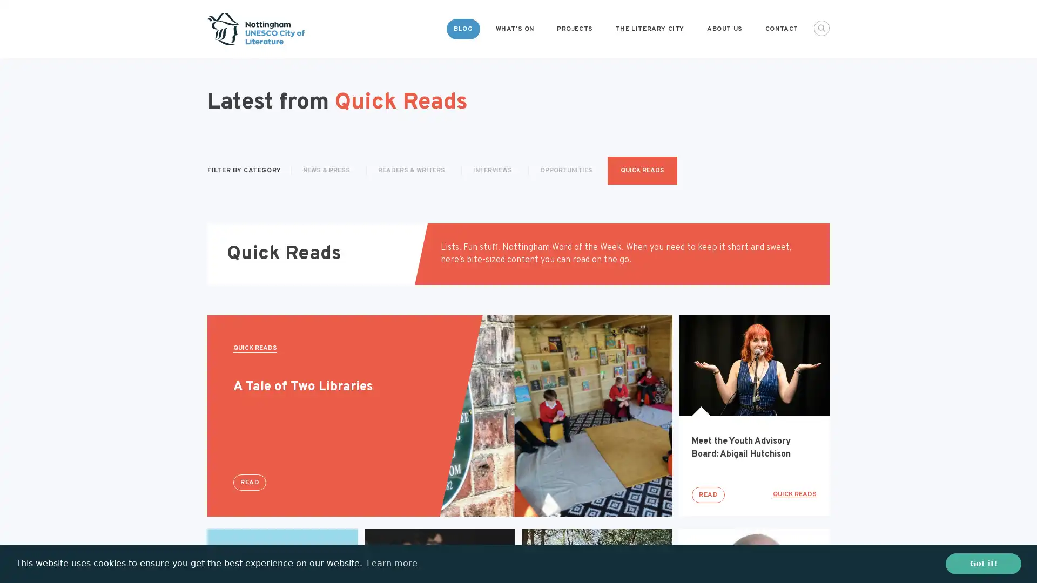 The height and width of the screenshot is (583, 1037). What do you see at coordinates (391, 563) in the screenshot?
I see `learn more about cookies` at bounding box center [391, 563].